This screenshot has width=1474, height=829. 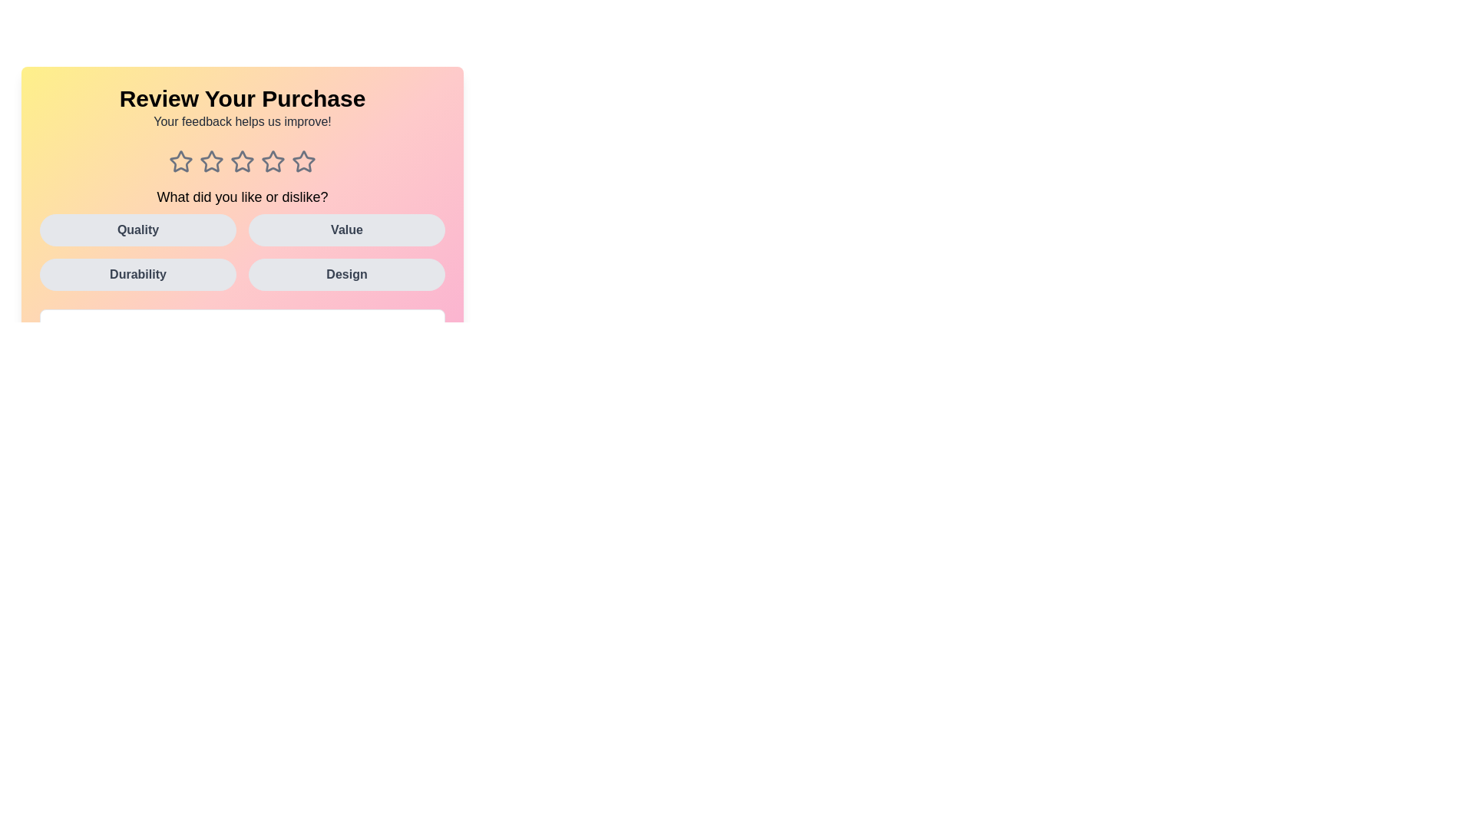 I want to click on the 'Design' category button located in the bottom-right corner of the grid, so click(x=345, y=274).